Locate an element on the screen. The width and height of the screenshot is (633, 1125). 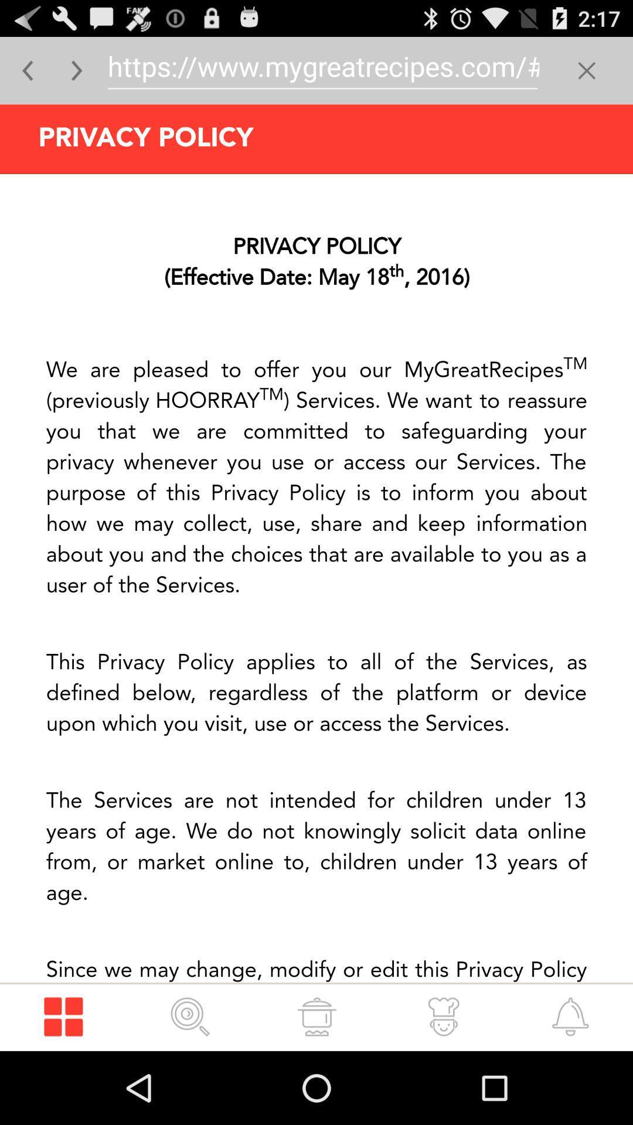
the page is located at coordinates (587, 70).